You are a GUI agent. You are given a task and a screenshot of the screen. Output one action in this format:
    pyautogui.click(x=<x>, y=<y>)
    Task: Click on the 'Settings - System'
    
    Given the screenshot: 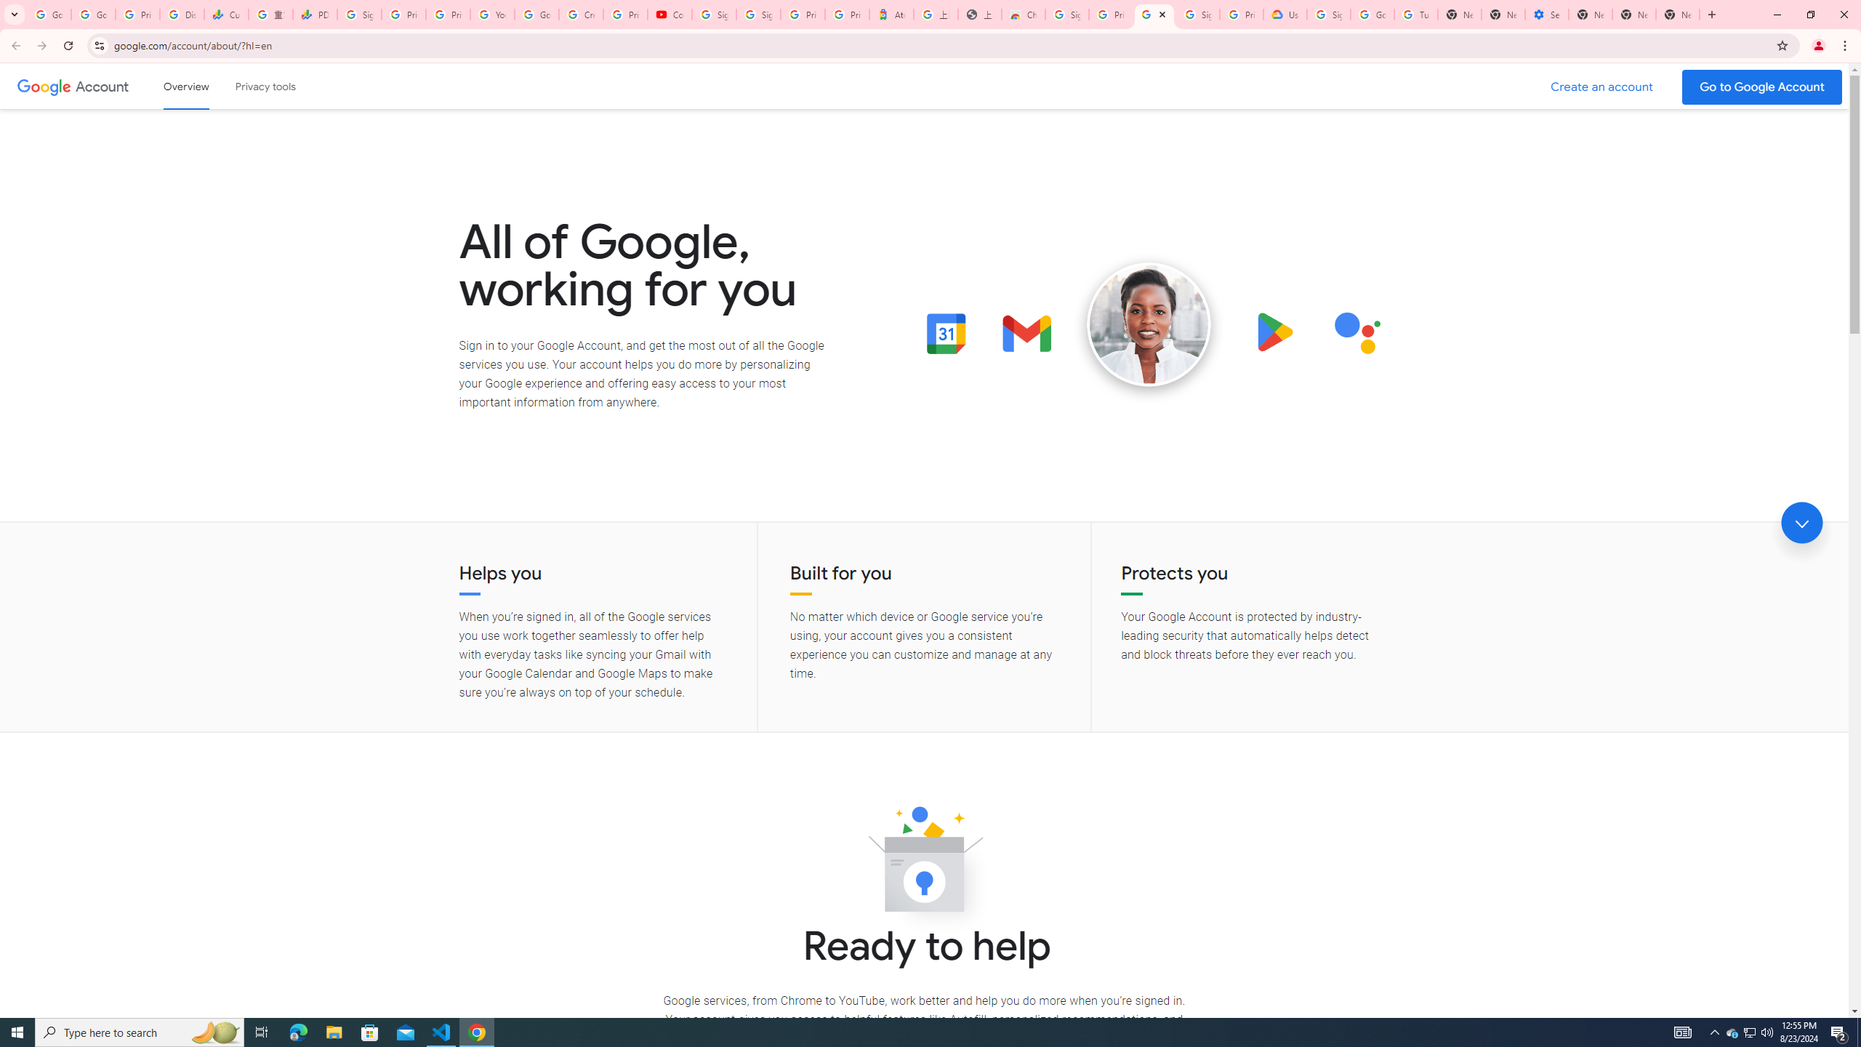 What is the action you would take?
    pyautogui.click(x=1546, y=14)
    